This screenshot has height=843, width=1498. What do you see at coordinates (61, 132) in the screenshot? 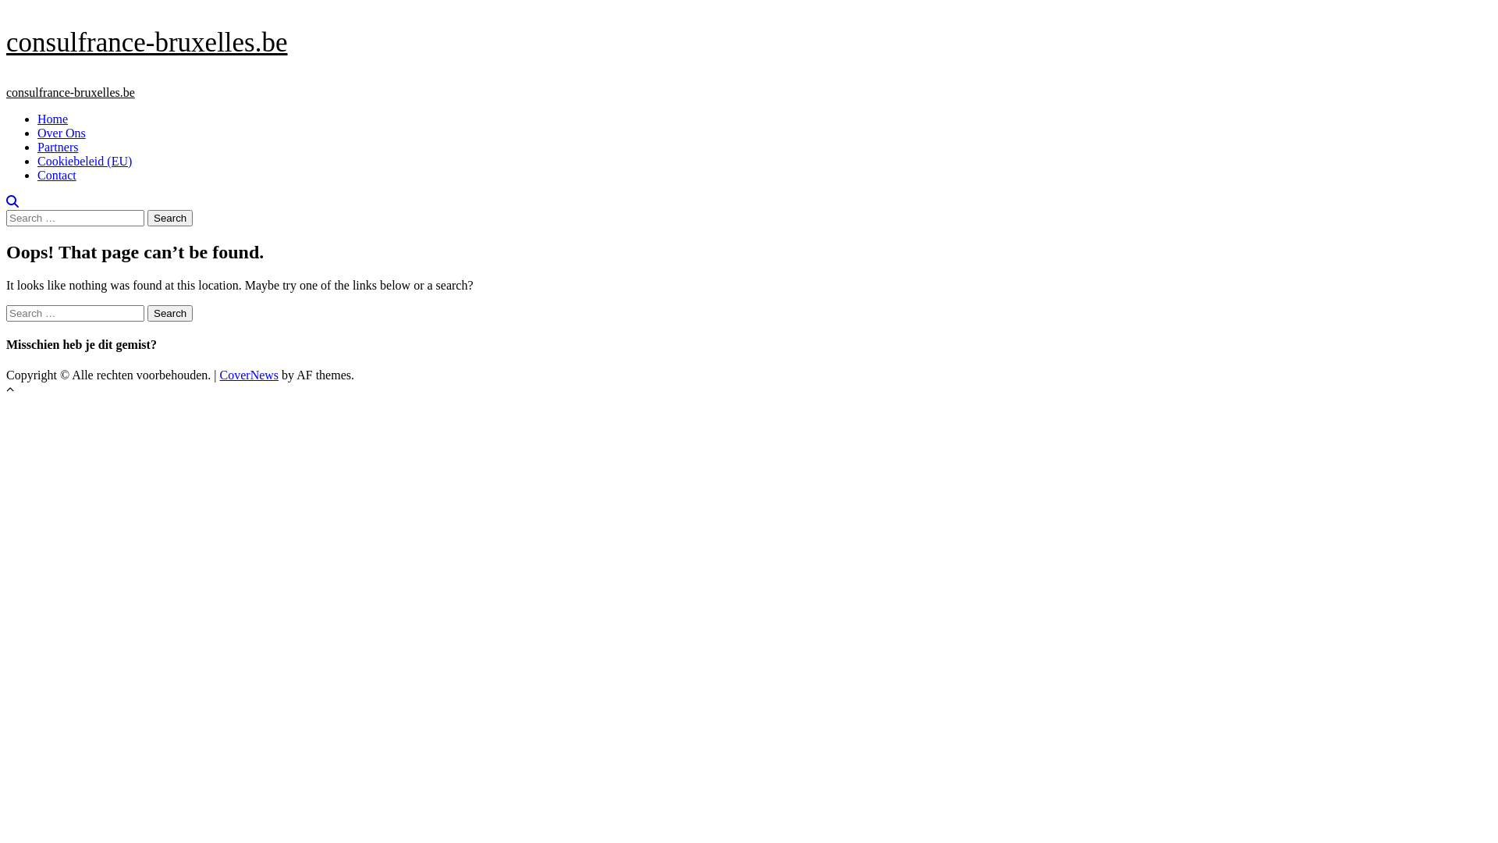
I see `'Over Ons'` at bounding box center [61, 132].